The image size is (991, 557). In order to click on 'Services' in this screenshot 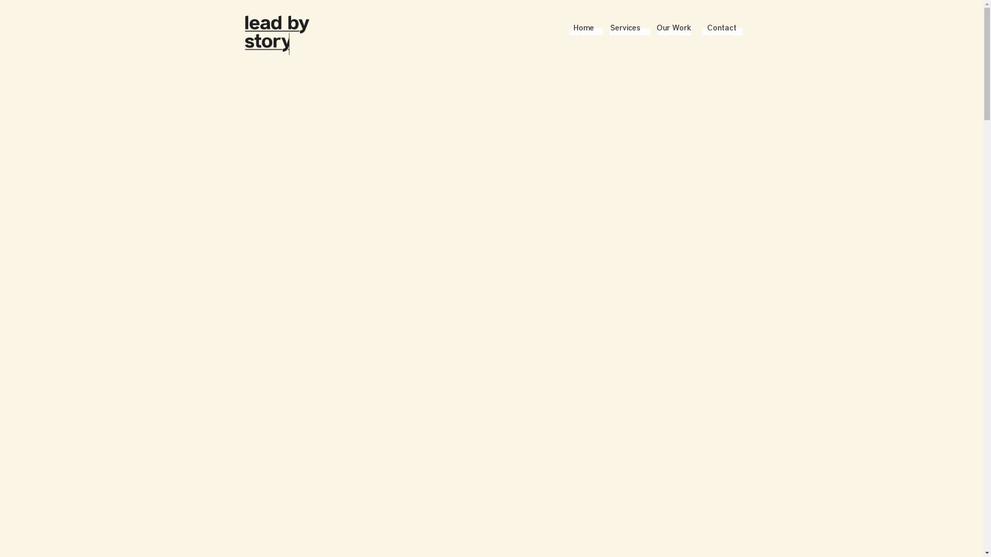, I will do `click(624, 27)`.